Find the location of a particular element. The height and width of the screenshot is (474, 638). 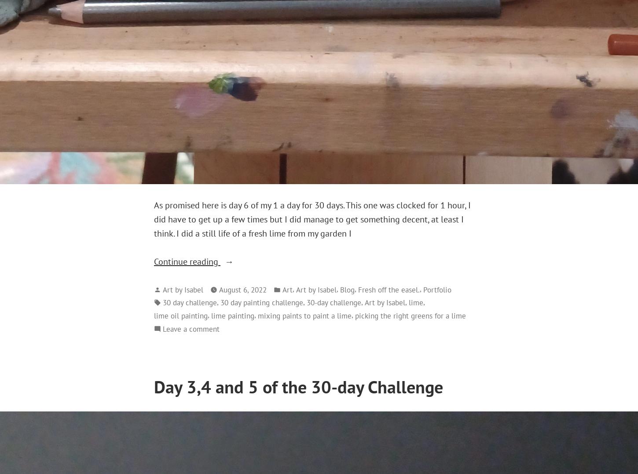

'lime oil painting' is located at coordinates (154, 315).